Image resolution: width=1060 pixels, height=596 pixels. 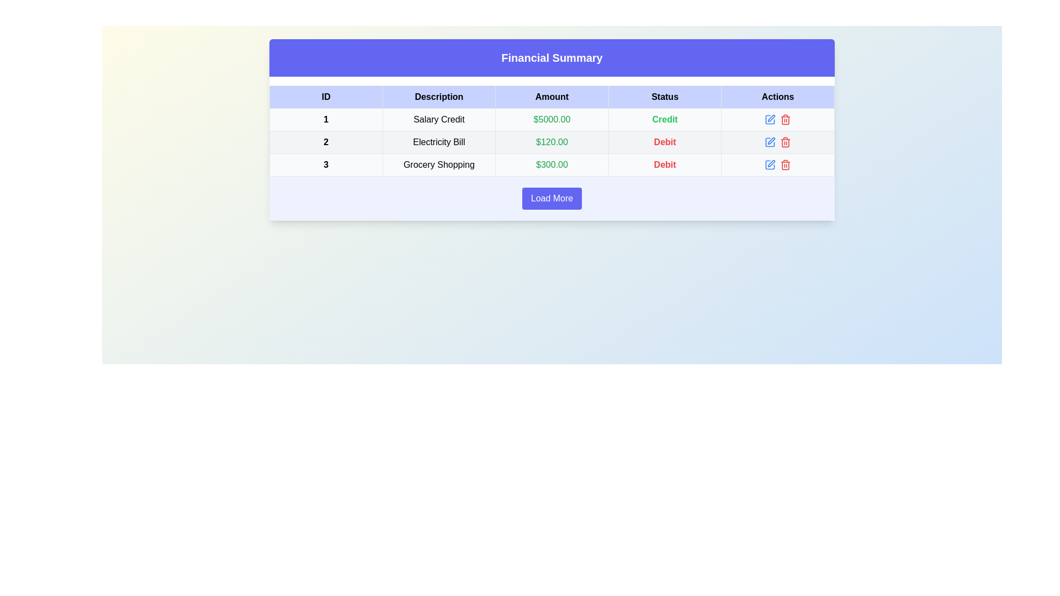 I want to click on the trash can icon located in the 'Actions' column of the table, specifically aligned to the right of the third row for the 'Grocery Shopping' entry, so click(x=785, y=142).